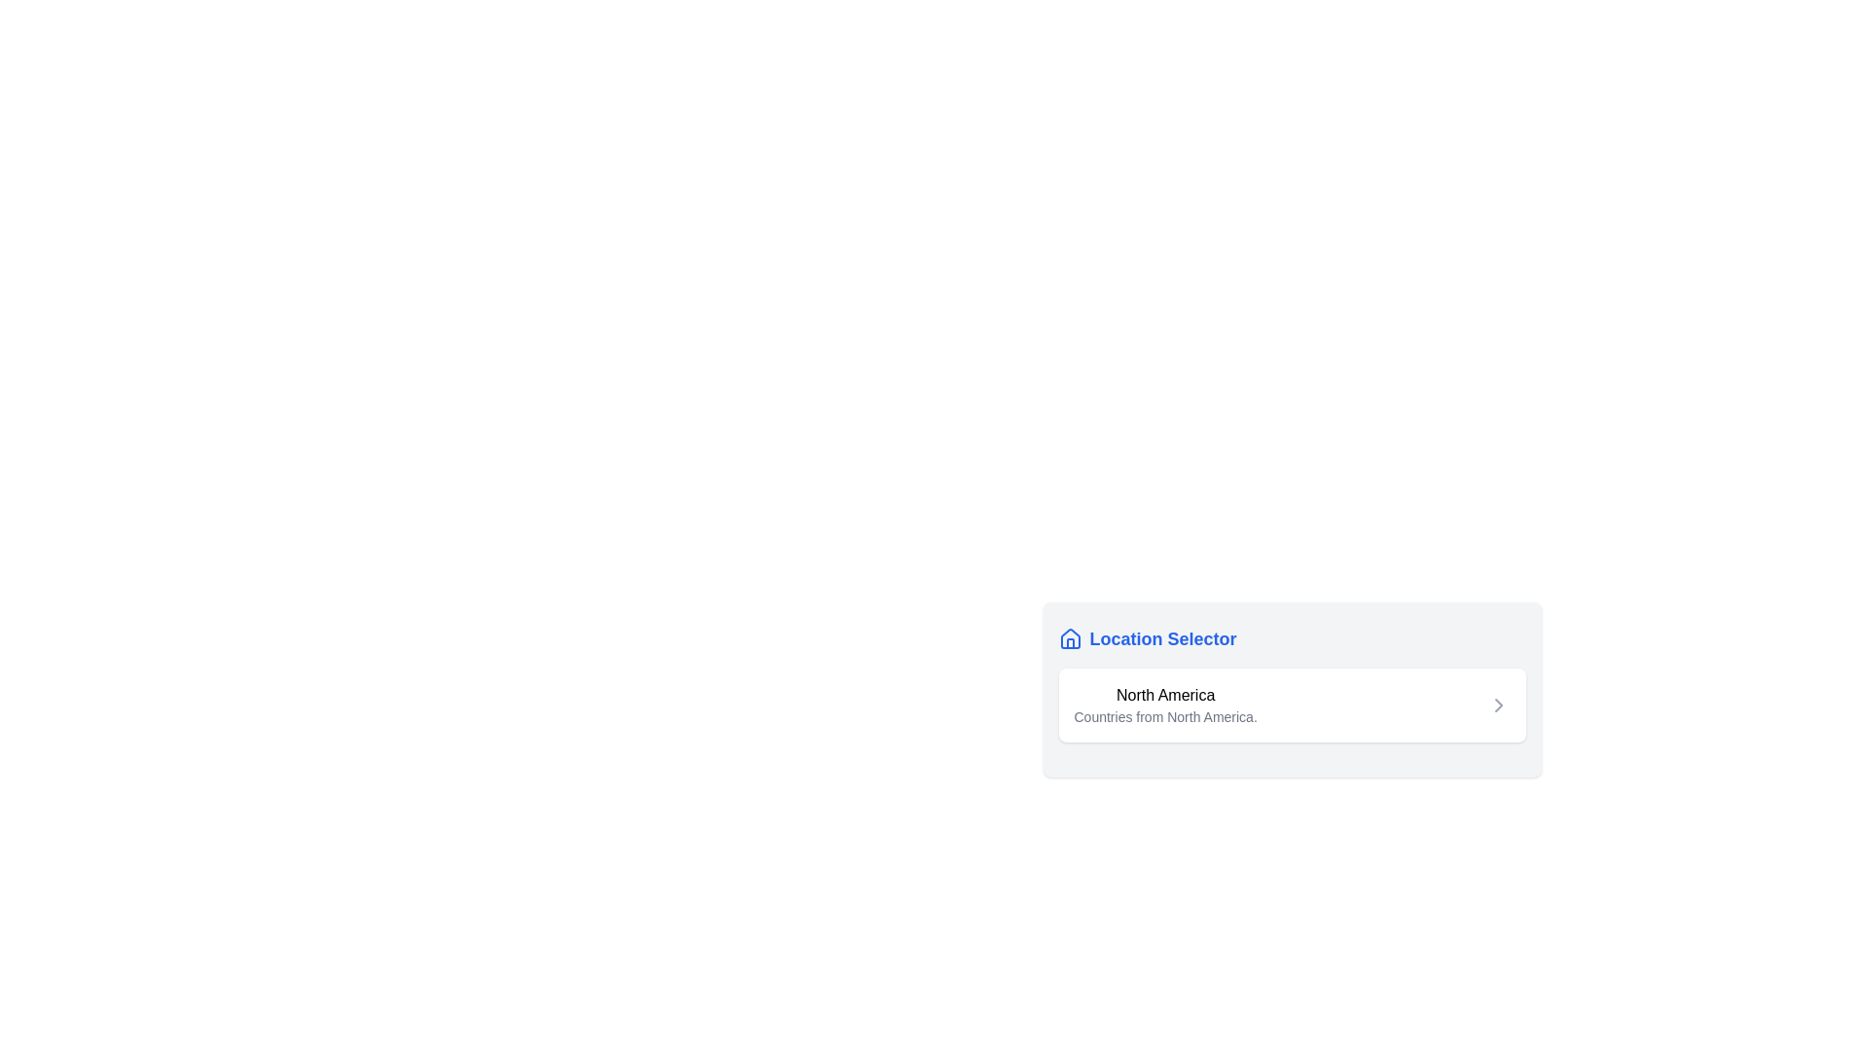 The width and height of the screenshot is (1869, 1051). I want to click on the 'Location Selector' text label, which is styled in bold and blue, positioned to the right of a home icon, so click(1163, 638).